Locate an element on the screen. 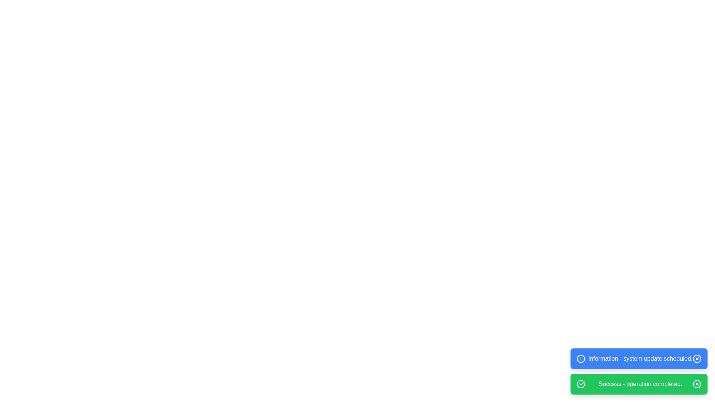 This screenshot has width=715, height=402. the dismiss button located on the rightmost side of the blue notification box that contains the text 'Information - system update scheduled' is located at coordinates (697, 358).